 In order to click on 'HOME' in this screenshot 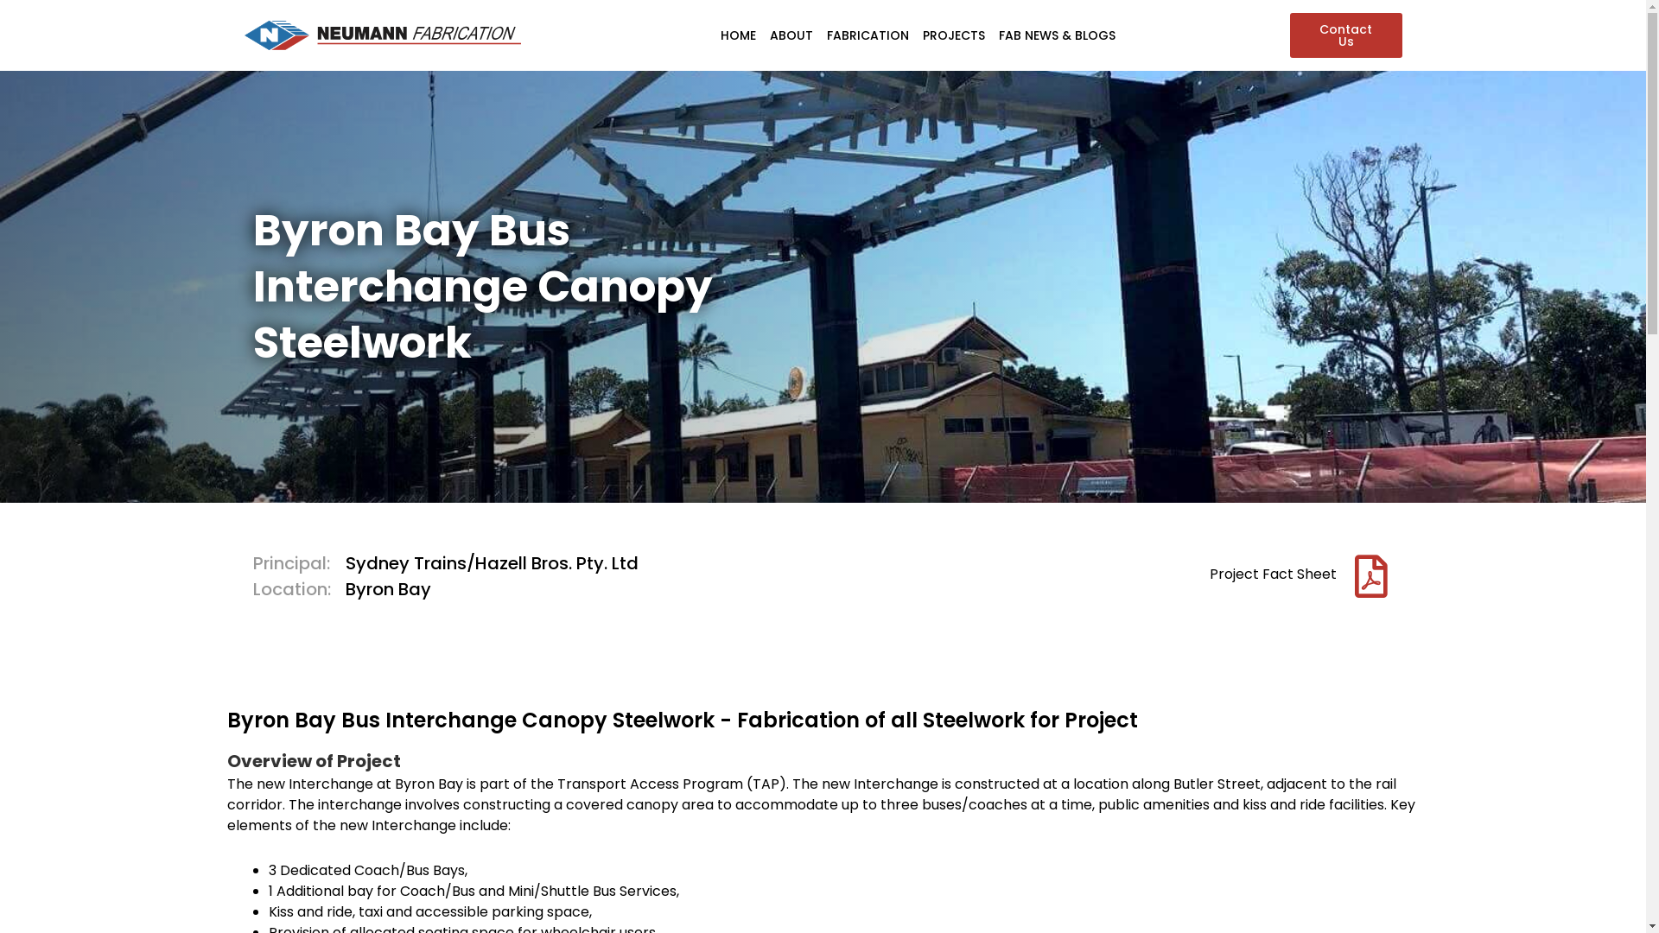, I will do `click(738, 35)`.